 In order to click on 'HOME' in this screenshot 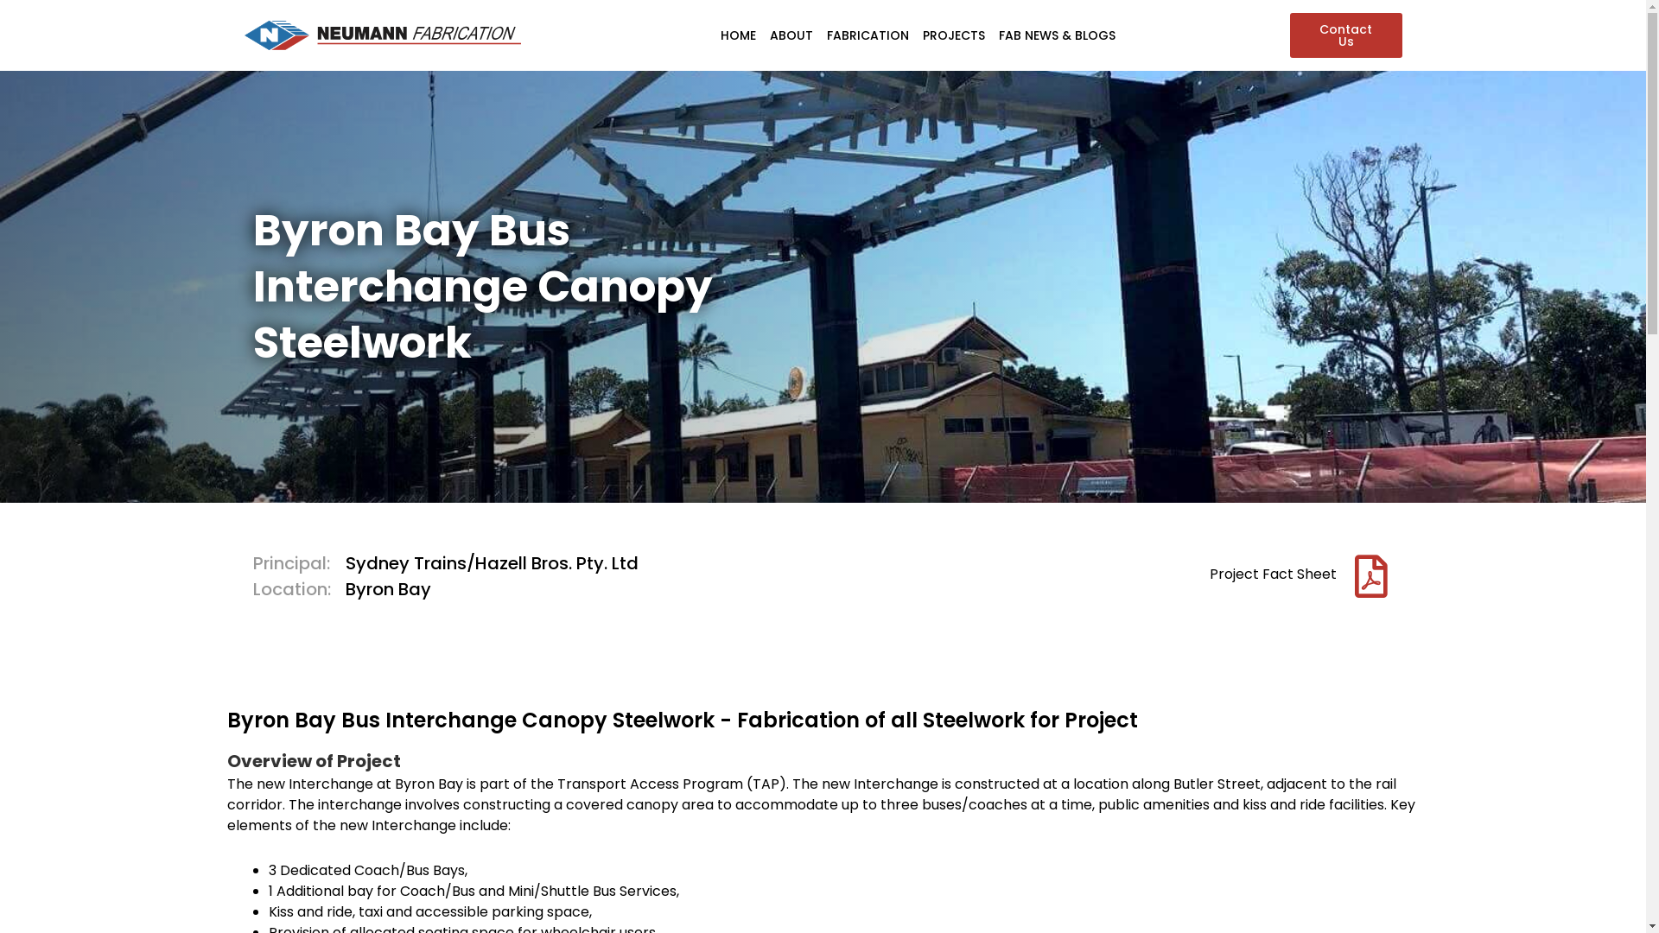, I will do `click(738, 35)`.